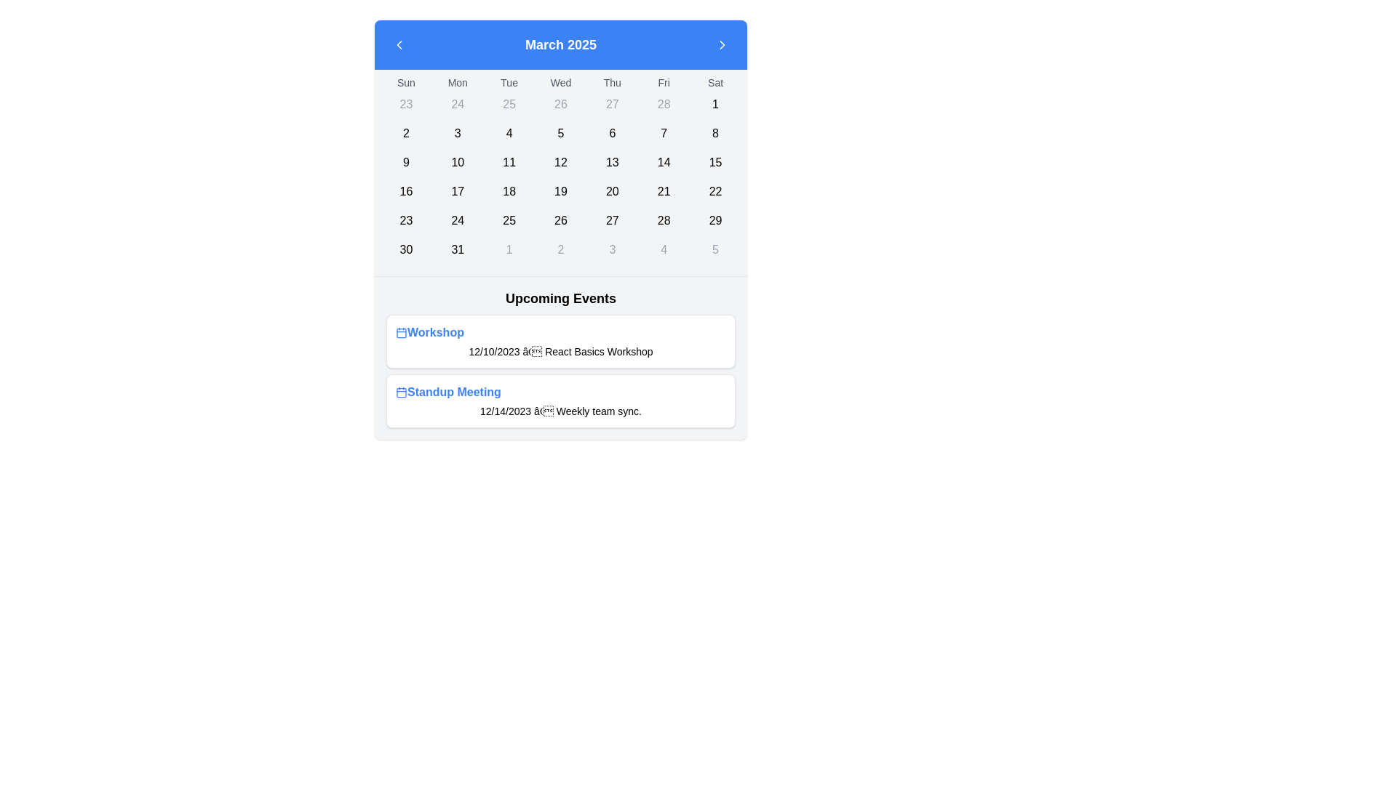  What do you see at coordinates (560, 83) in the screenshot?
I see `the text label displaying 'Wed' in the header row of the calendar layout for March 2025, positioned in the fourth column` at bounding box center [560, 83].